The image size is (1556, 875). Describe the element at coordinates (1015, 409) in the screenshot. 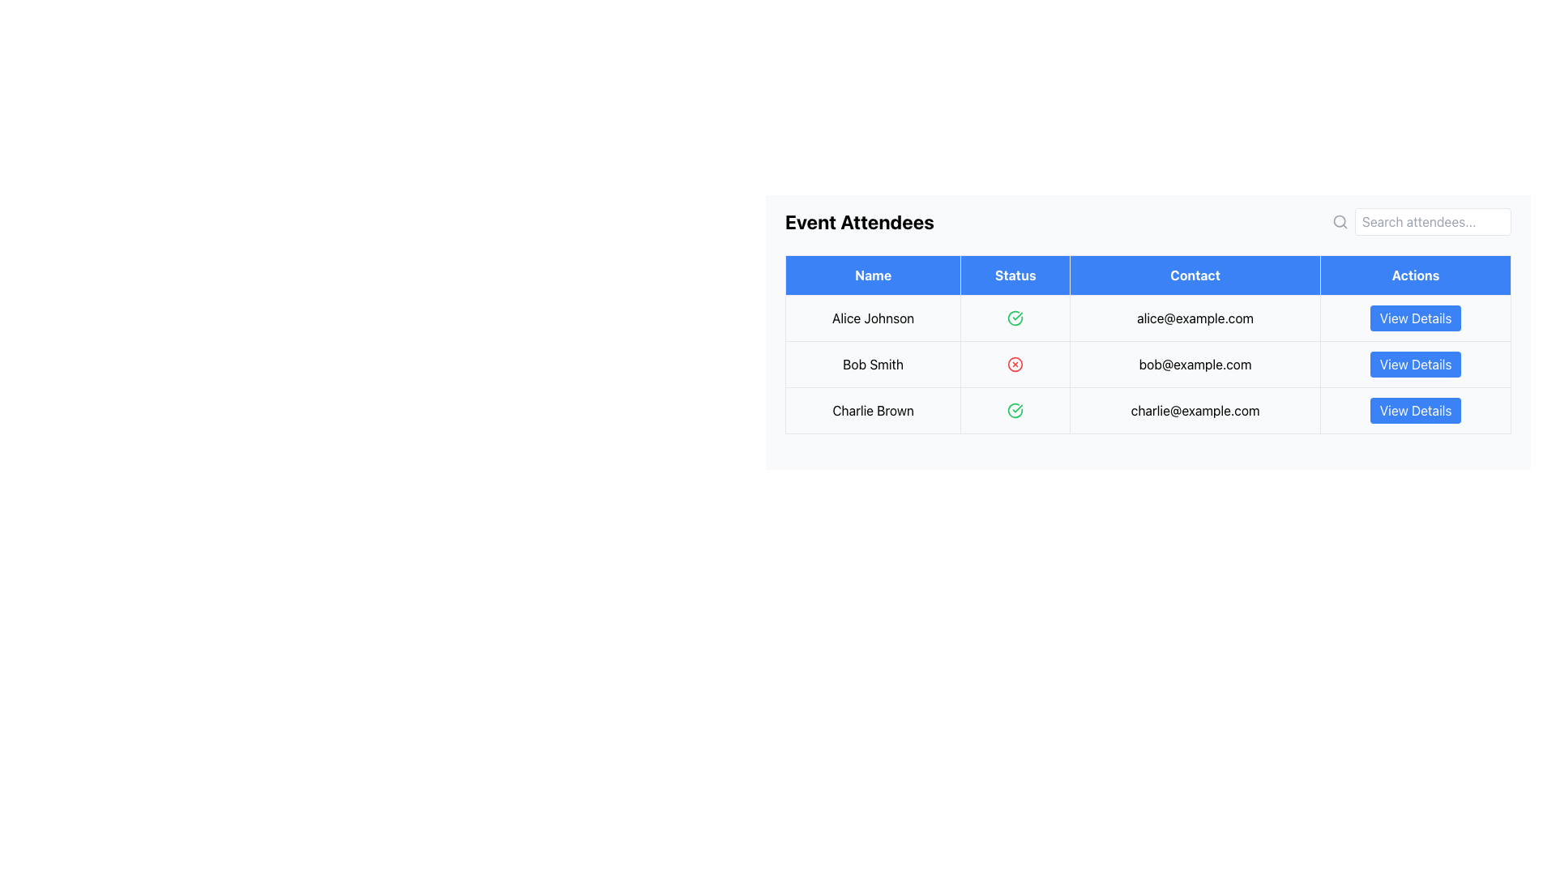

I see `the circular SVG component indicating a positive status for 'Alice Johnson' in the 'Status' column of the table` at that location.